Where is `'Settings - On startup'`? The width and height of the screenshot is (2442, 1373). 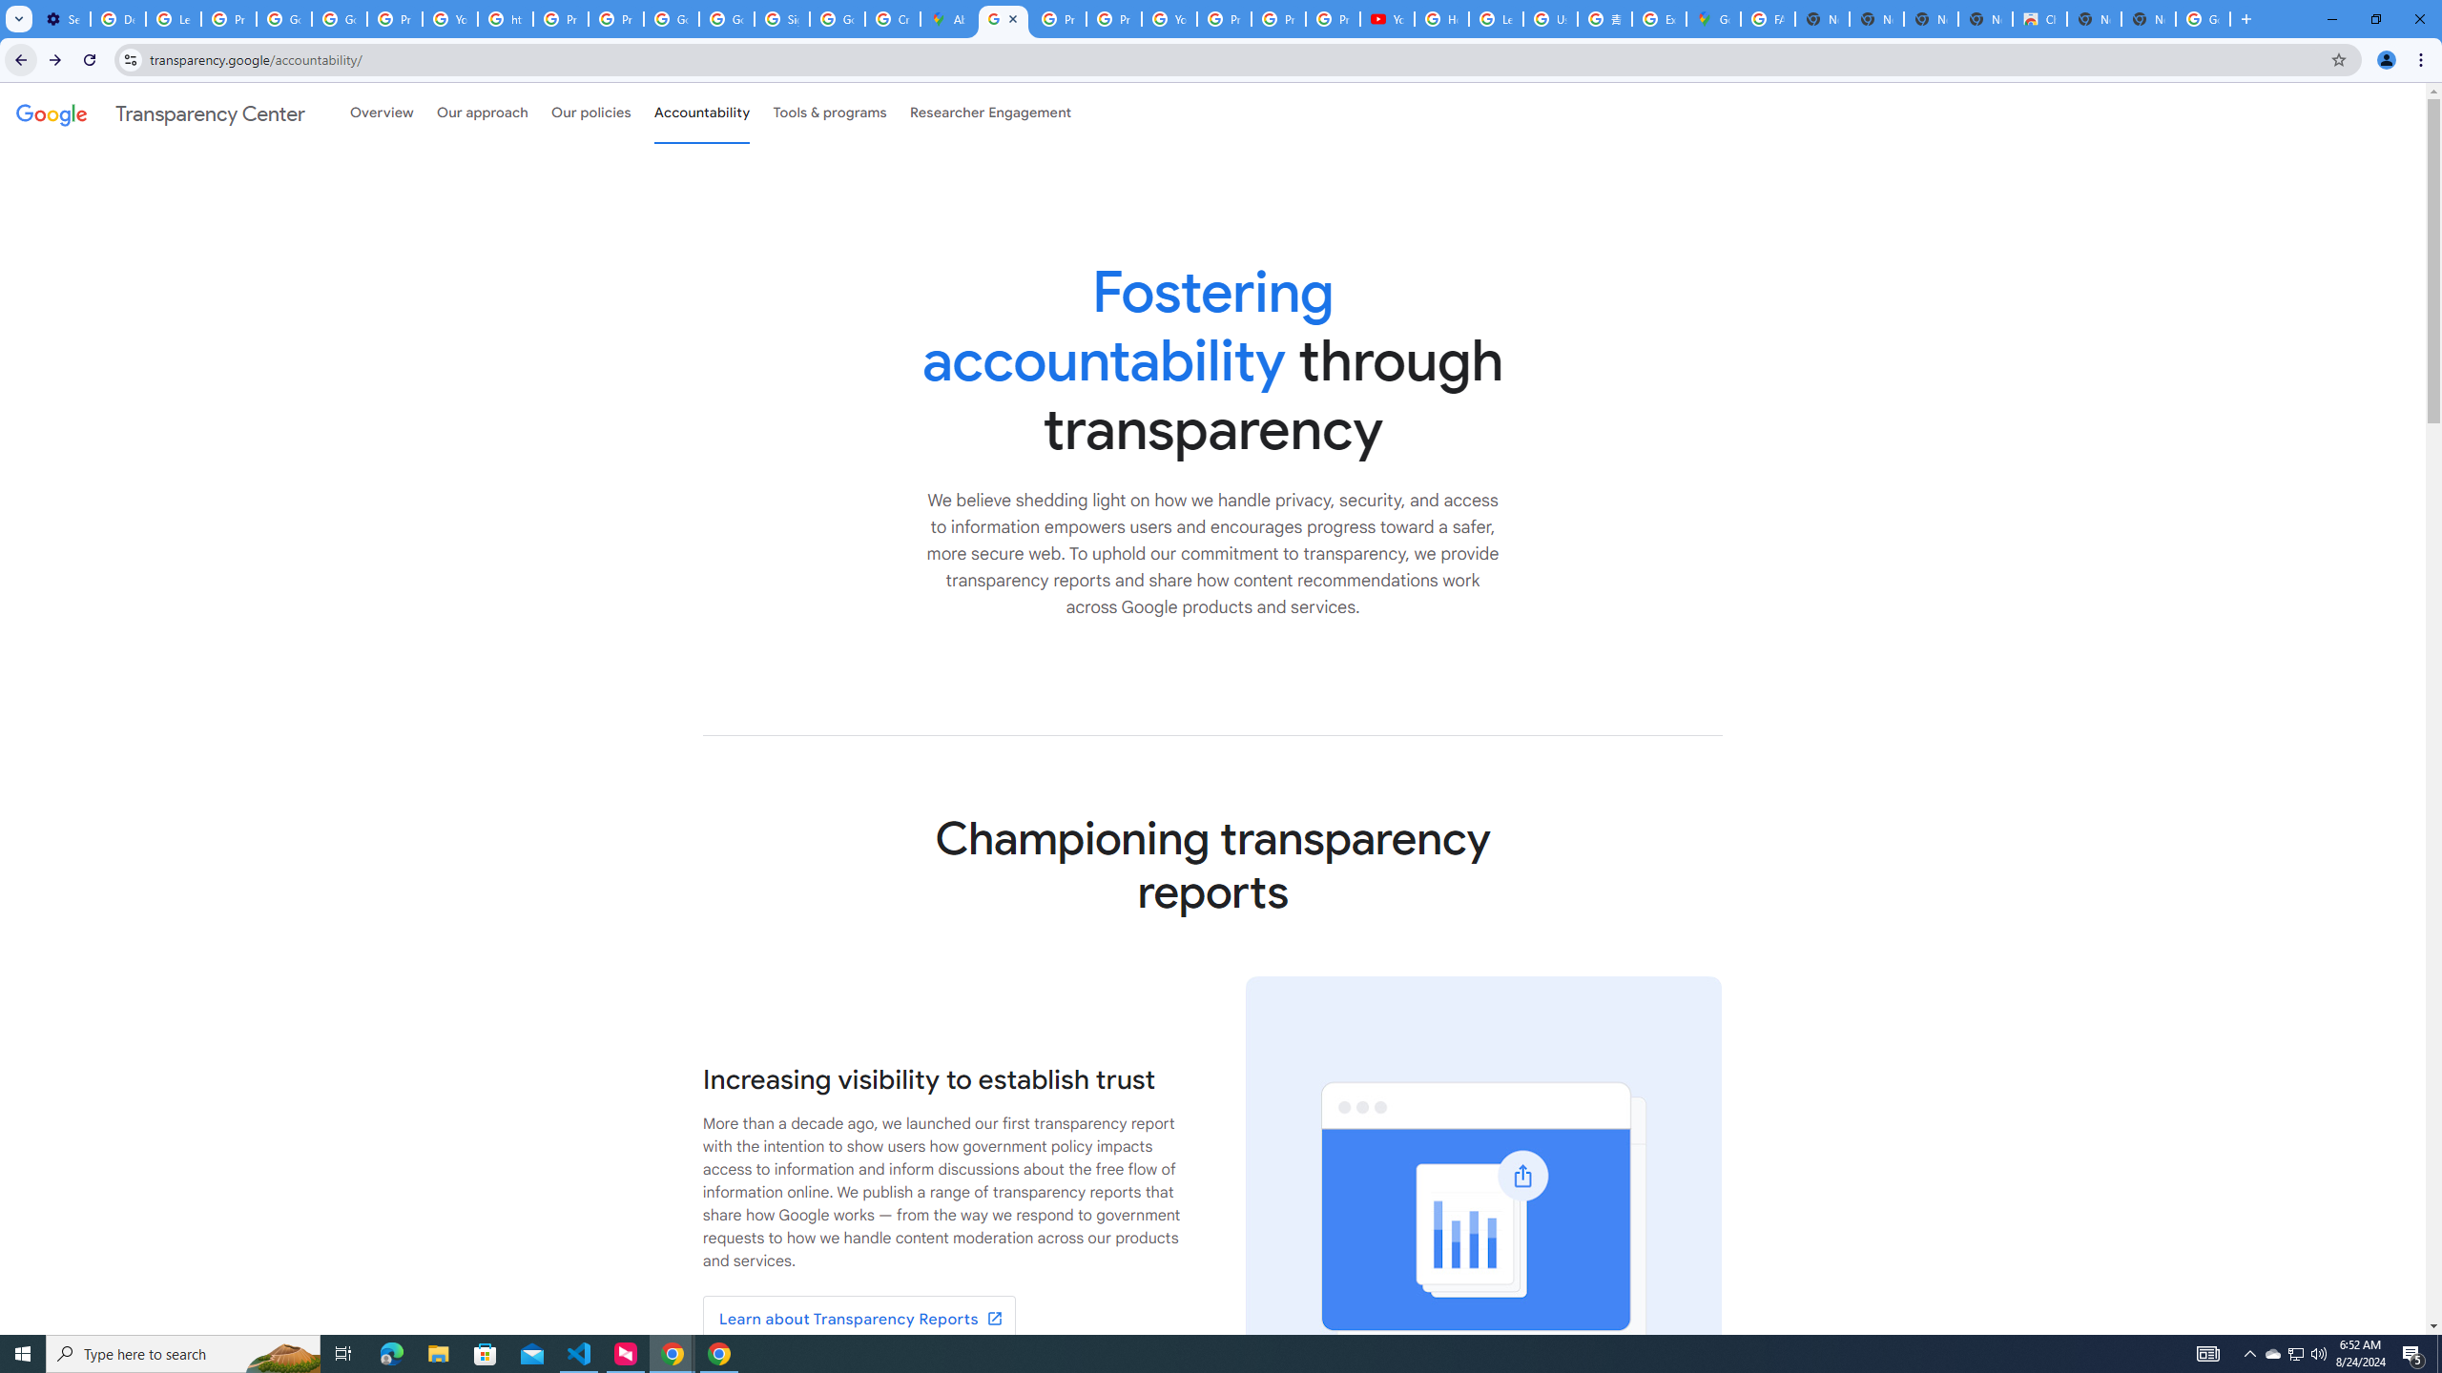
'Settings - On startup' is located at coordinates (62, 18).